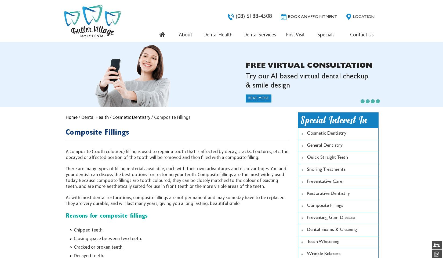  Describe the element at coordinates (307, 146) in the screenshot. I see `'General Dentistry'` at that location.